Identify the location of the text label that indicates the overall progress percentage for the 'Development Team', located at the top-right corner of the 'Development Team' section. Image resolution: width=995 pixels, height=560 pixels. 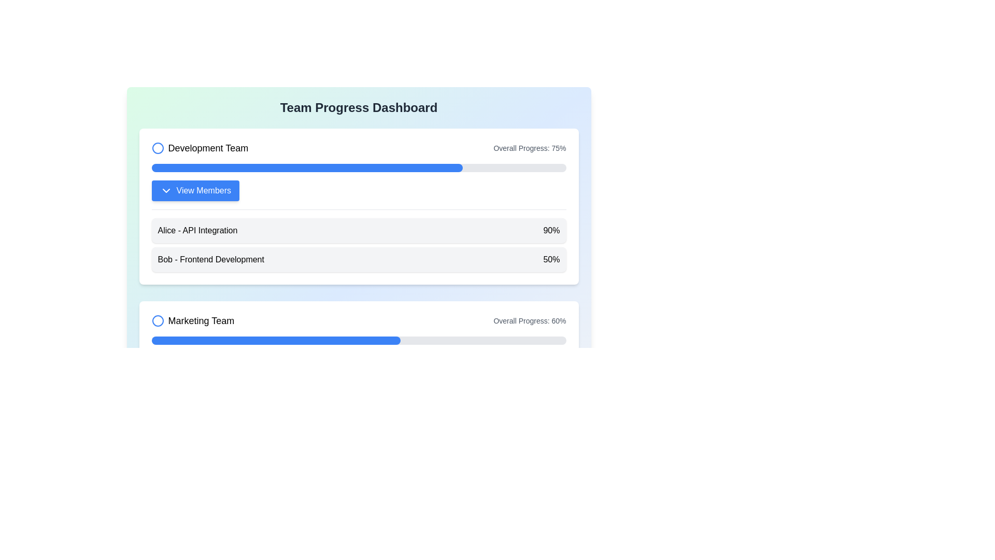
(530, 148).